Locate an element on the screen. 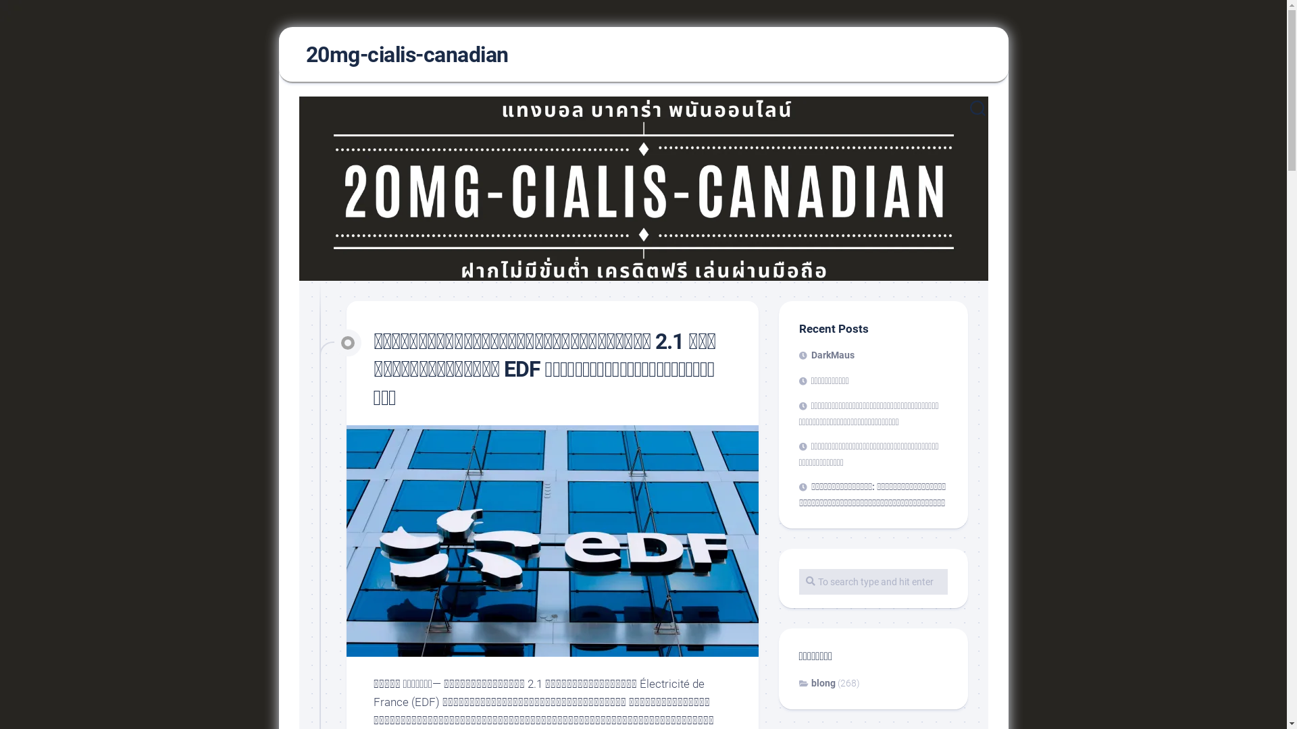 The width and height of the screenshot is (1297, 729). 'blong' is located at coordinates (816, 682).